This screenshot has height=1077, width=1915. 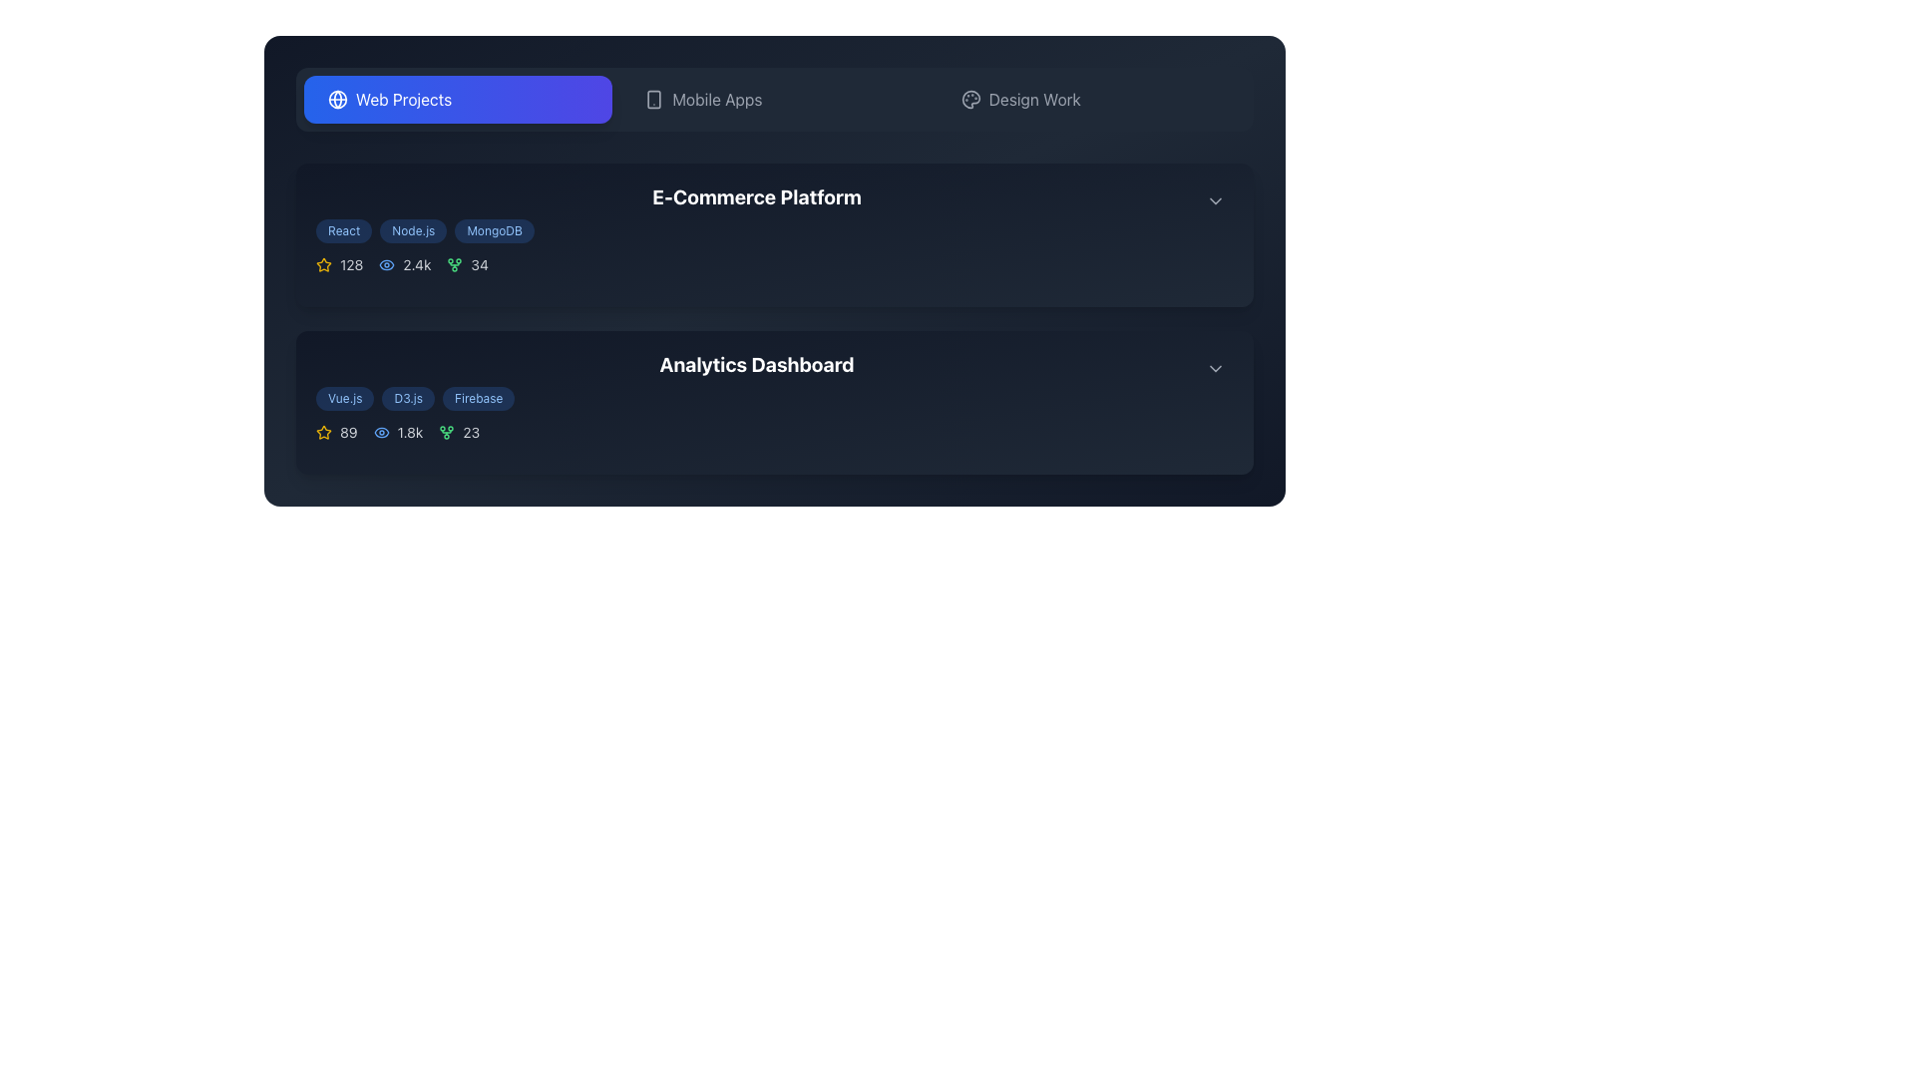 I want to click on the Icon and Text Pair displaying a green branching structure icon and the numeric text '34' in light gray, which is the third interactive group, so click(x=467, y=264).